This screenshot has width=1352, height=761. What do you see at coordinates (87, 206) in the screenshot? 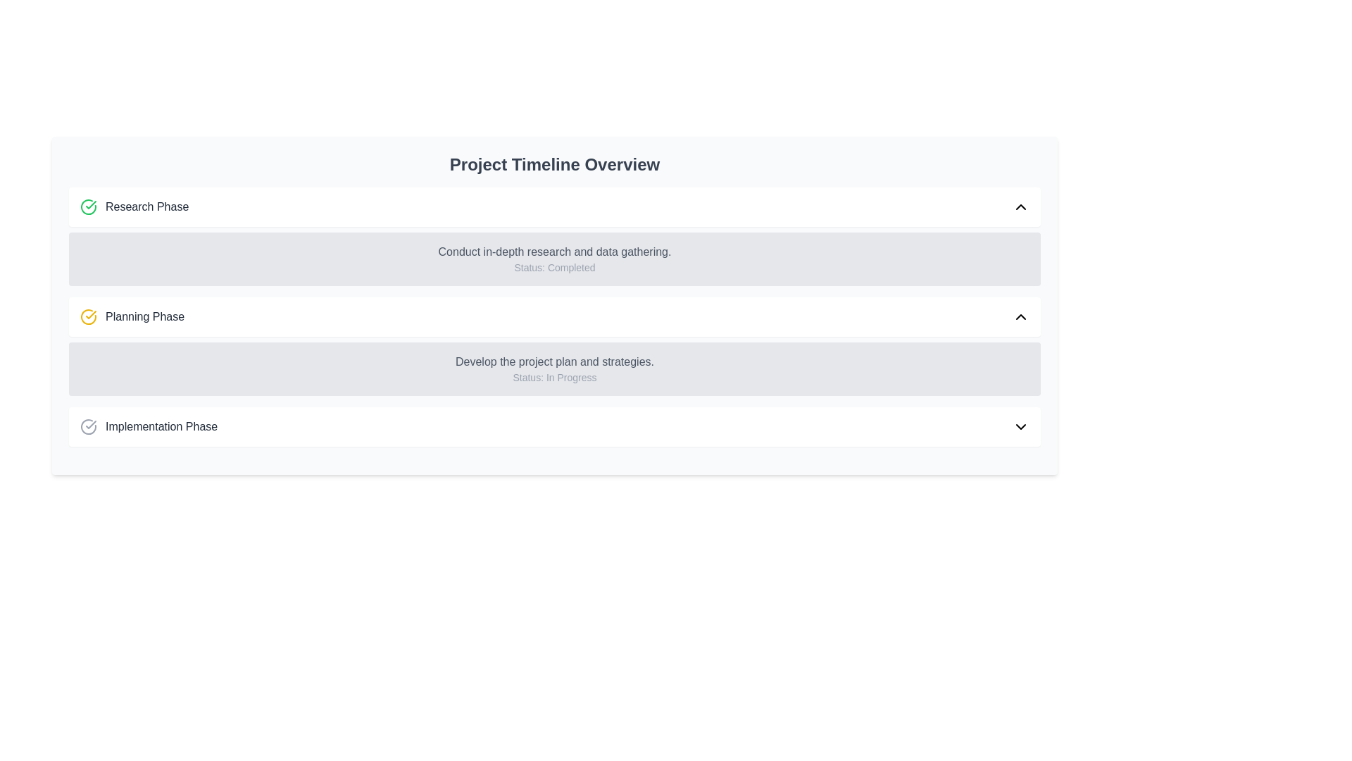
I see `the circular graphic icon with a green border and checkmark, indicating successful completion, located in the first row of the timeline overview adjacent to the 'Research Phase' text label` at bounding box center [87, 206].